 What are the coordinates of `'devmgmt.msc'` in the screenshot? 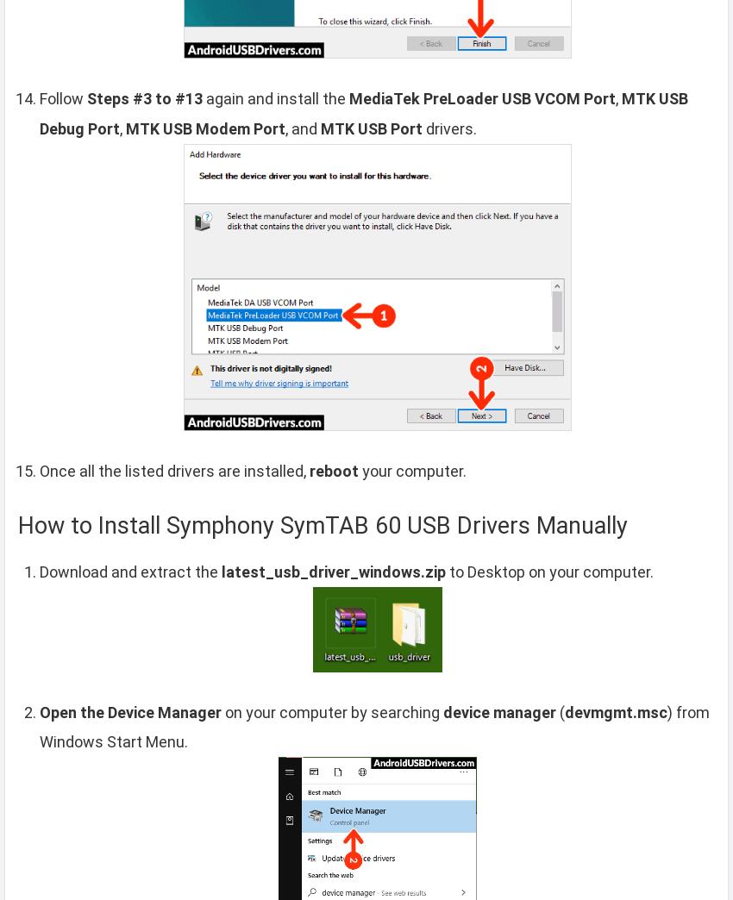 It's located at (615, 710).